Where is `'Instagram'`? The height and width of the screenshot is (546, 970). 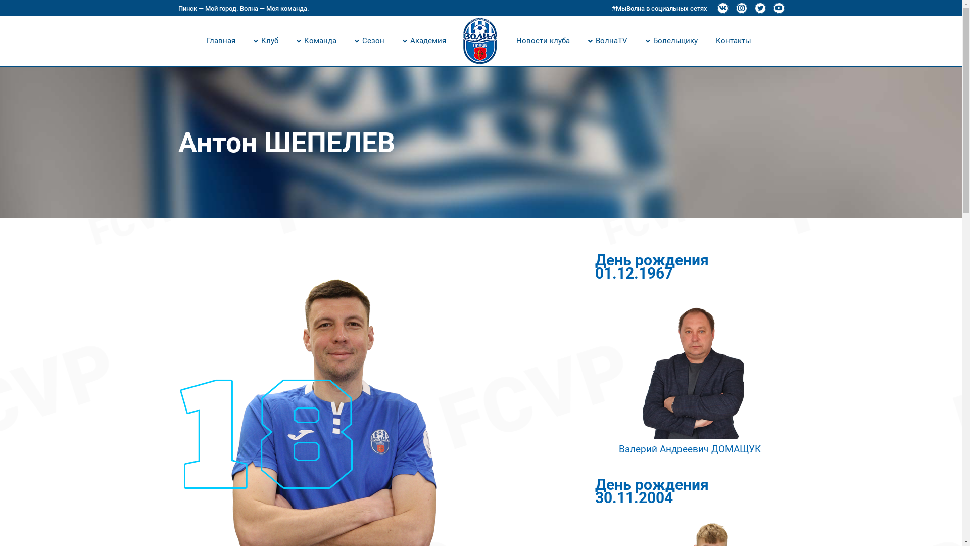 'Instagram' is located at coordinates (735, 8).